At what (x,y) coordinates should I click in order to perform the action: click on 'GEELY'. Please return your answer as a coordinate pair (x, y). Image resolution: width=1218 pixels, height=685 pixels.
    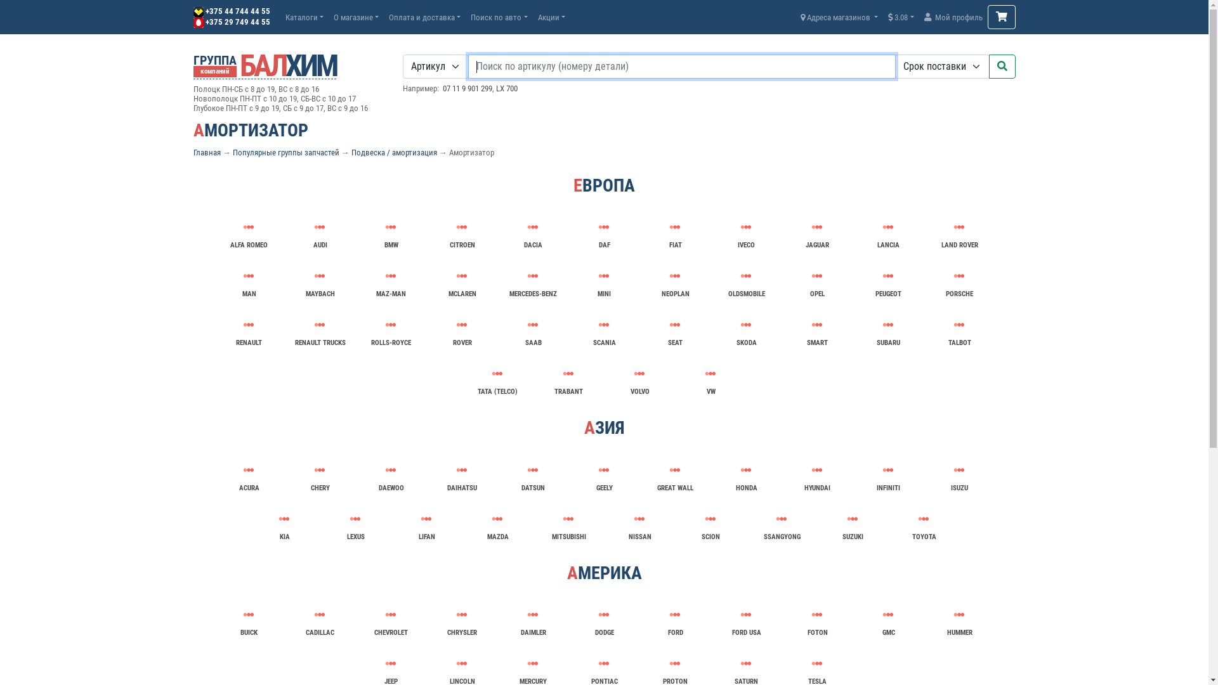
    Looking at the image, I should click on (603, 469).